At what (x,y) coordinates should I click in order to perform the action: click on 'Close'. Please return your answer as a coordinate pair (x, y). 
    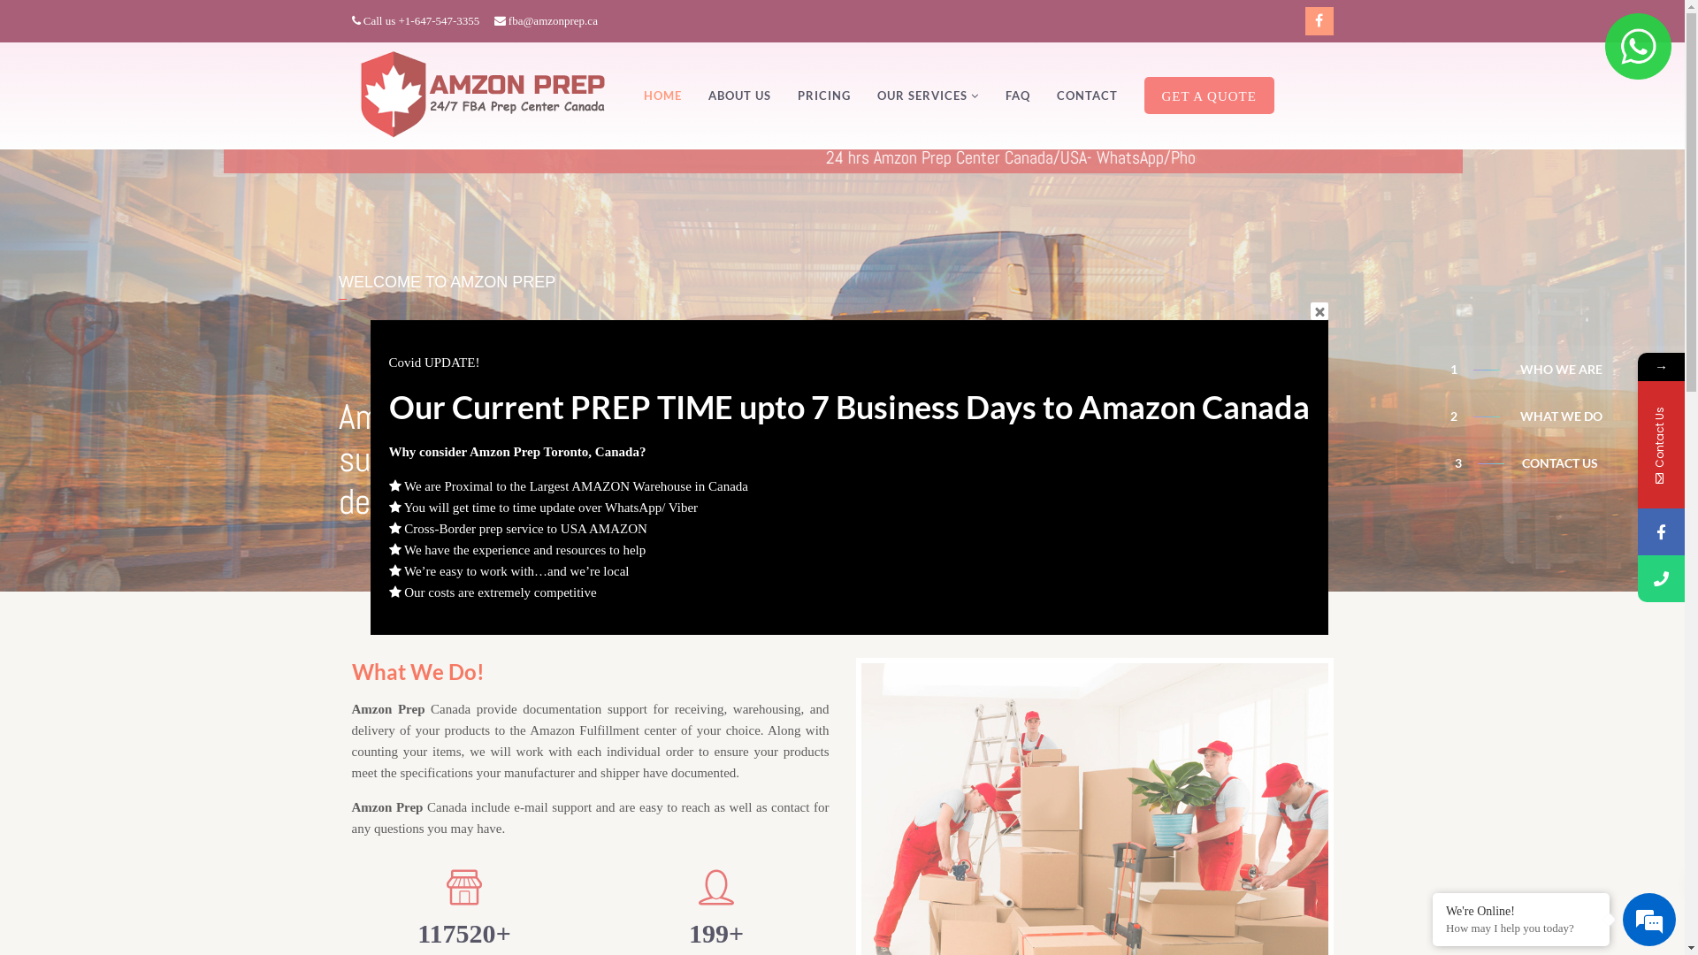
    Looking at the image, I should click on (1319, 309).